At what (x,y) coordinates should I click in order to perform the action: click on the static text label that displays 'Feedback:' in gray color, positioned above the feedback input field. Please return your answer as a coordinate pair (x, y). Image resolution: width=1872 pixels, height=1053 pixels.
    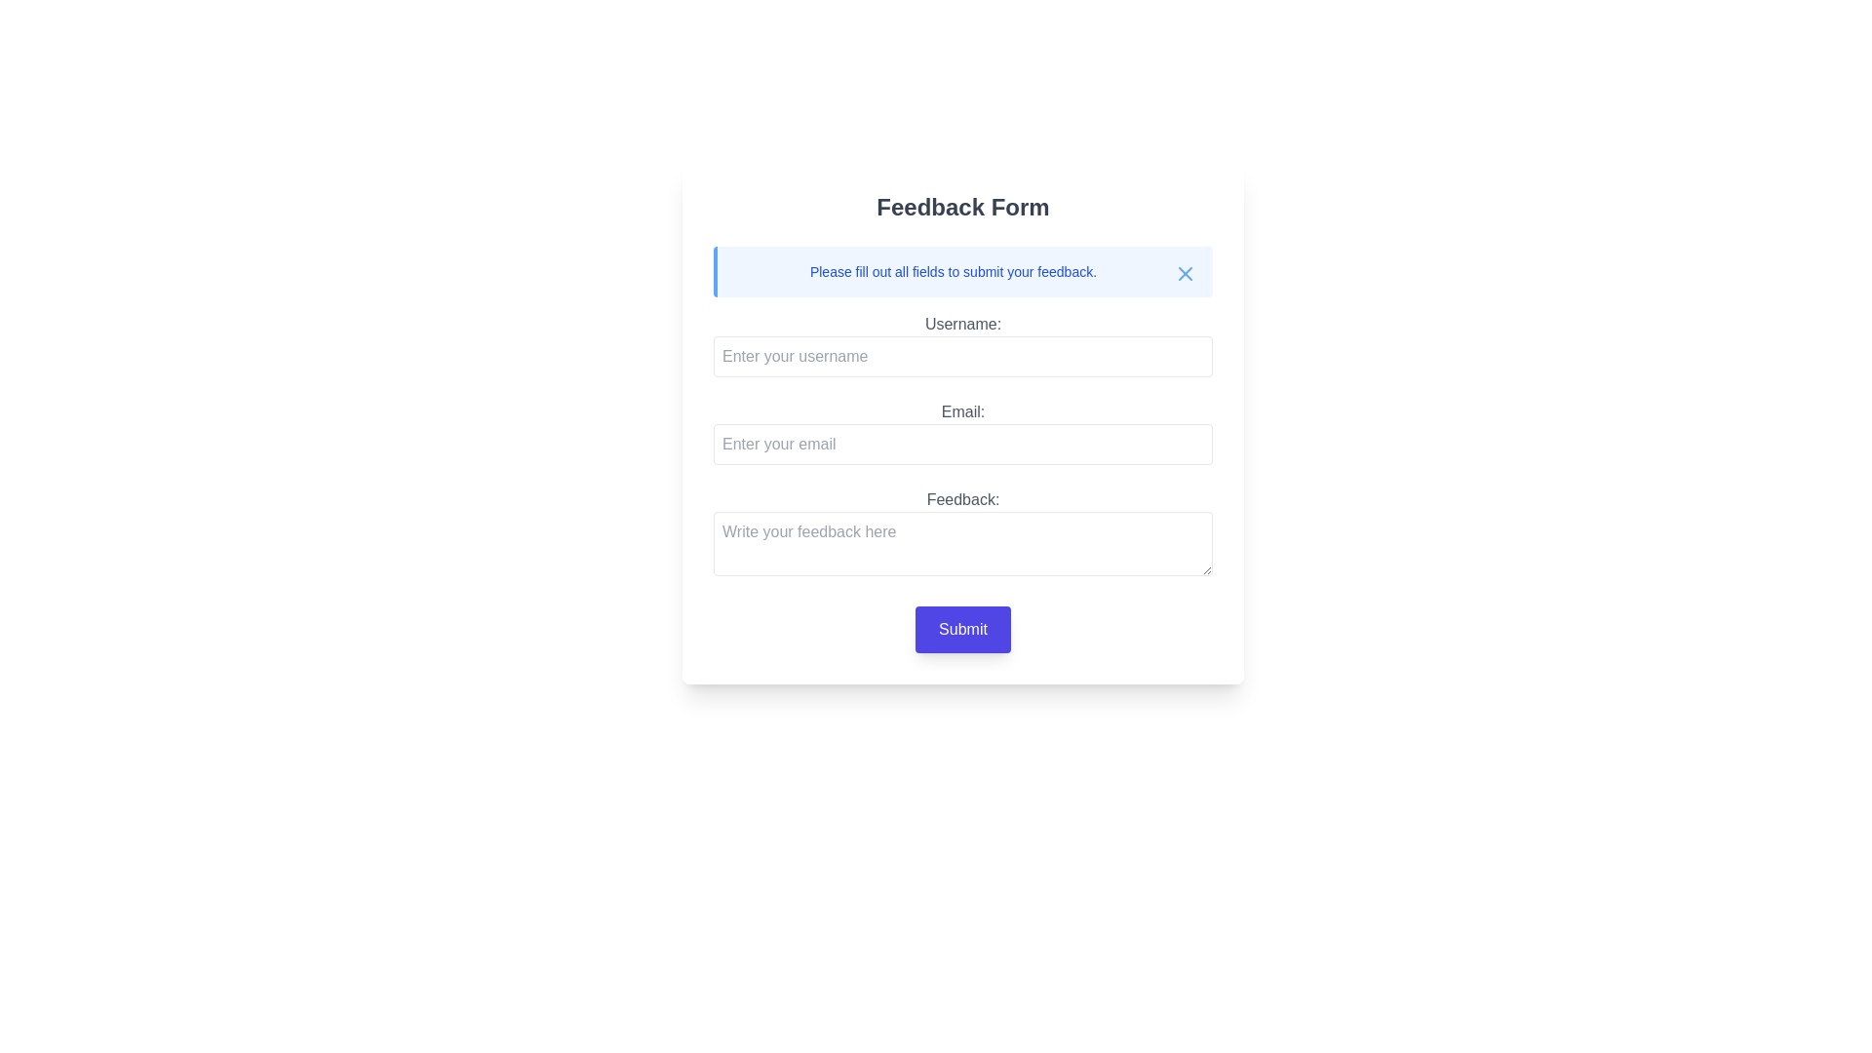
    Looking at the image, I should click on (963, 499).